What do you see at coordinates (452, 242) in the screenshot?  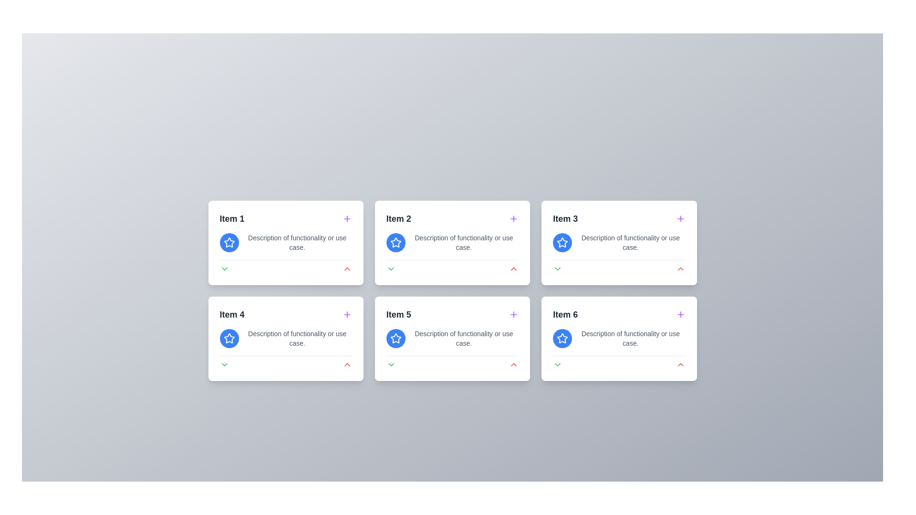 I see `the Informational Card containing the bold text 'Item 2' and a blue circular icon with a white star, which is the second card in the first row of a three-column grid layout` at bounding box center [452, 242].